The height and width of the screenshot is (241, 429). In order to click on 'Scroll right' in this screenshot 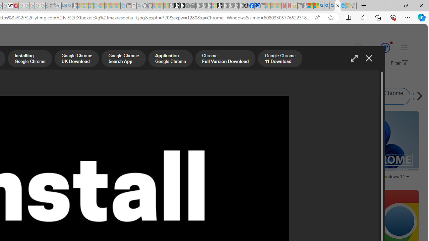, I will do `click(417, 96)`.